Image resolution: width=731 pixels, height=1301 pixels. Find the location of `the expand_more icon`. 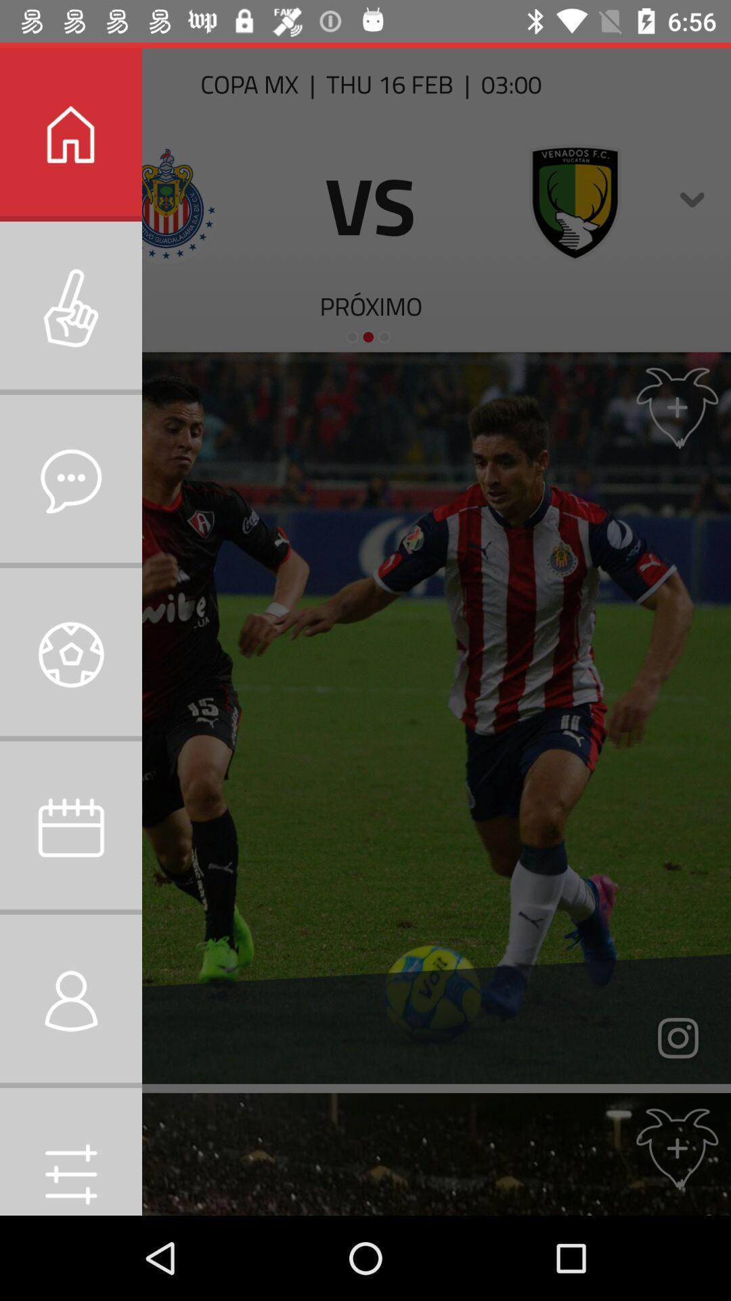

the expand_more icon is located at coordinates (692, 199).